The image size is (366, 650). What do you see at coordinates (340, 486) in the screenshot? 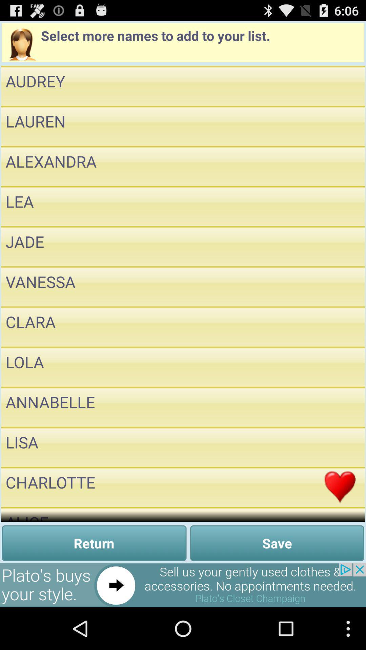
I see `heart emoji` at bounding box center [340, 486].